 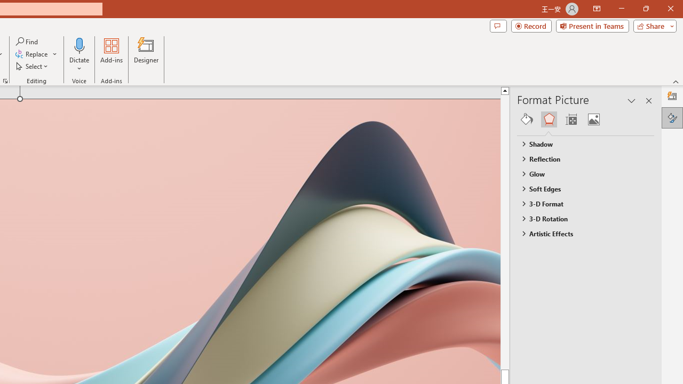 I want to click on 'Size & Properties', so click(x=570, y=119).